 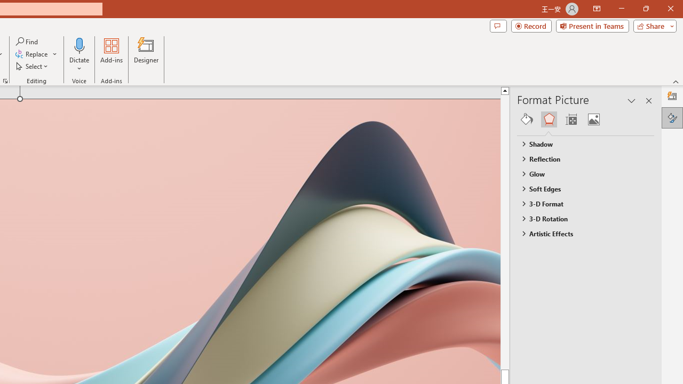 I want to click on 'Size & Properties', so click(x=570, y=119).